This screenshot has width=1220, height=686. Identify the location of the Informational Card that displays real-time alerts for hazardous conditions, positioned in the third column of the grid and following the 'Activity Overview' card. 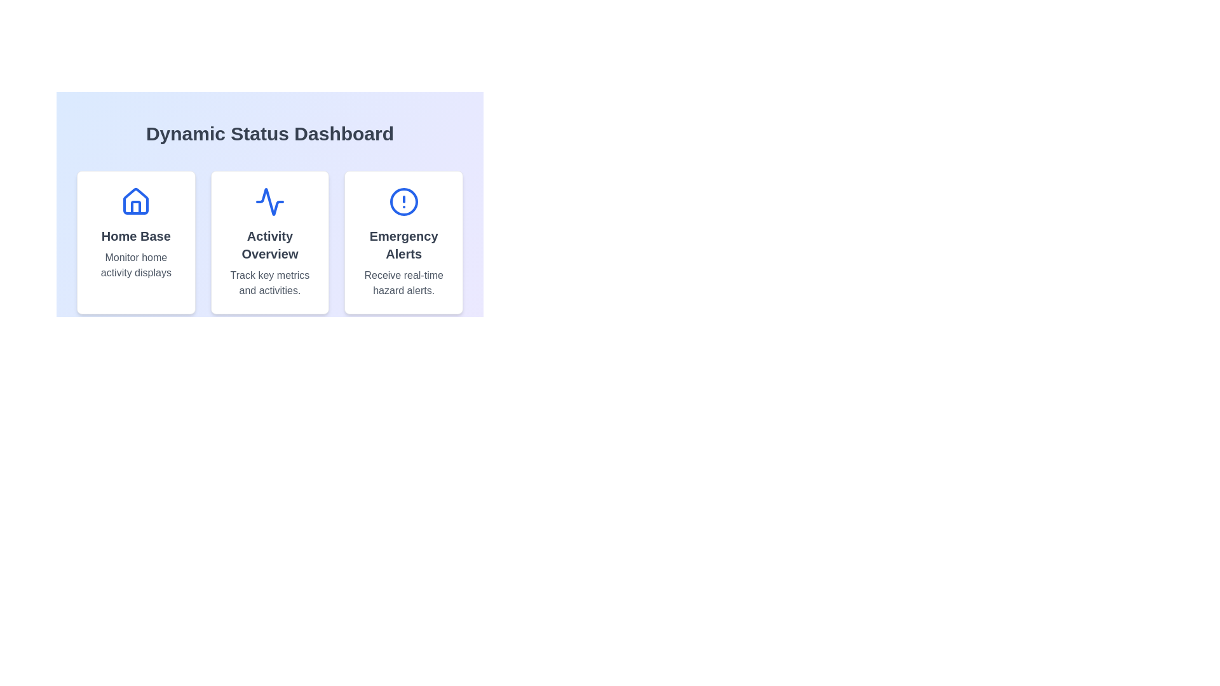
(403, 242).